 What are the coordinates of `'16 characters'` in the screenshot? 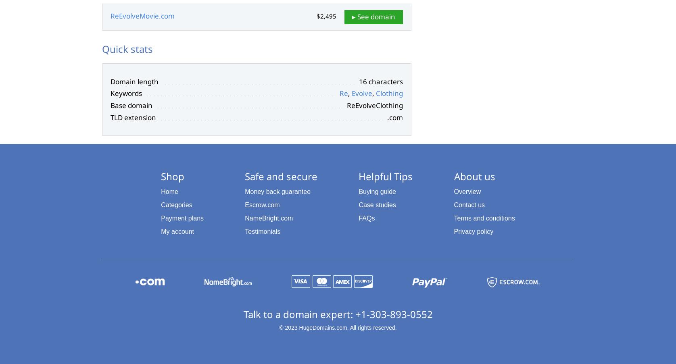 It's located at (359, 81).